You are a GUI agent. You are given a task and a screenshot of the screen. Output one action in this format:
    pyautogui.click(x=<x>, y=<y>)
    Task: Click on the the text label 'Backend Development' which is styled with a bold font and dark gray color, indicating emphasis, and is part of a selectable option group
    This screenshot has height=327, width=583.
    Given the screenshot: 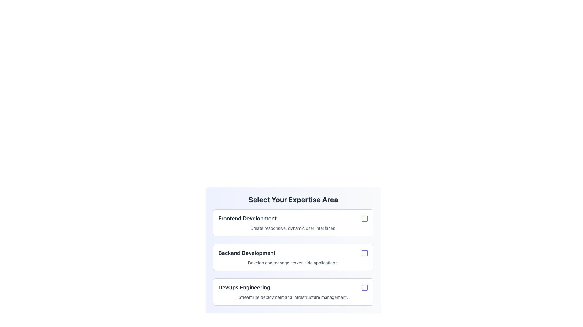 What is the action you would take?
    pyautogui.click(x=247, y=253)
    